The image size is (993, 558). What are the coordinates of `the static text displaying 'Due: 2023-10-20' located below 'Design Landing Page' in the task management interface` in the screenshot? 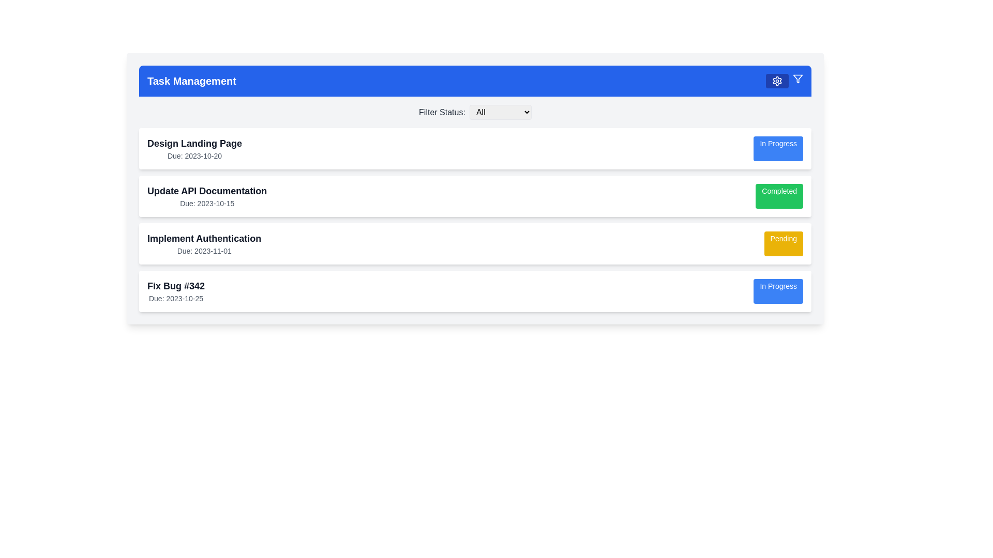 It's located at (194, 156).